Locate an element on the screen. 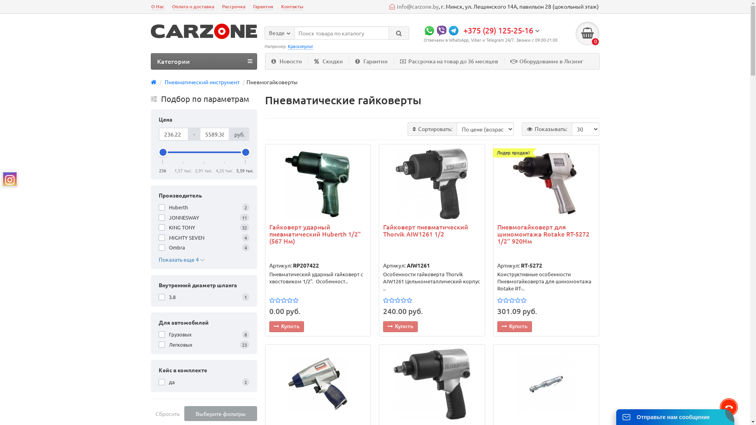 Image resolution: width=756 pixels, height=425 pixels. 'carzone.by' is located at coordinates (204, 31).